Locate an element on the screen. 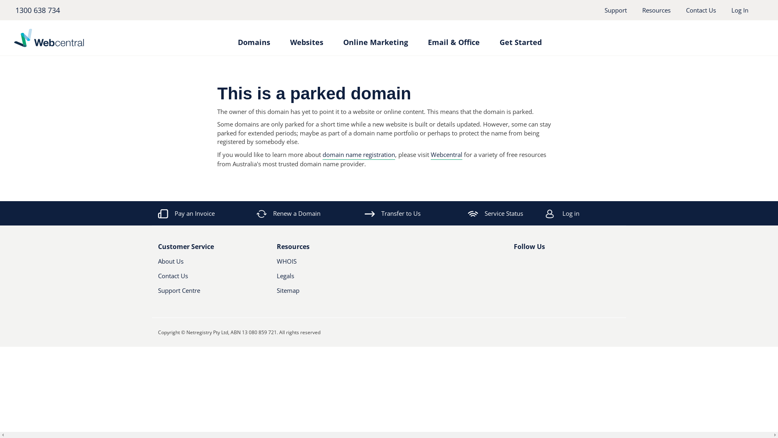 This screenshot has height=438, width=778. 'Support Centre' is located at coordinates (158, 294).